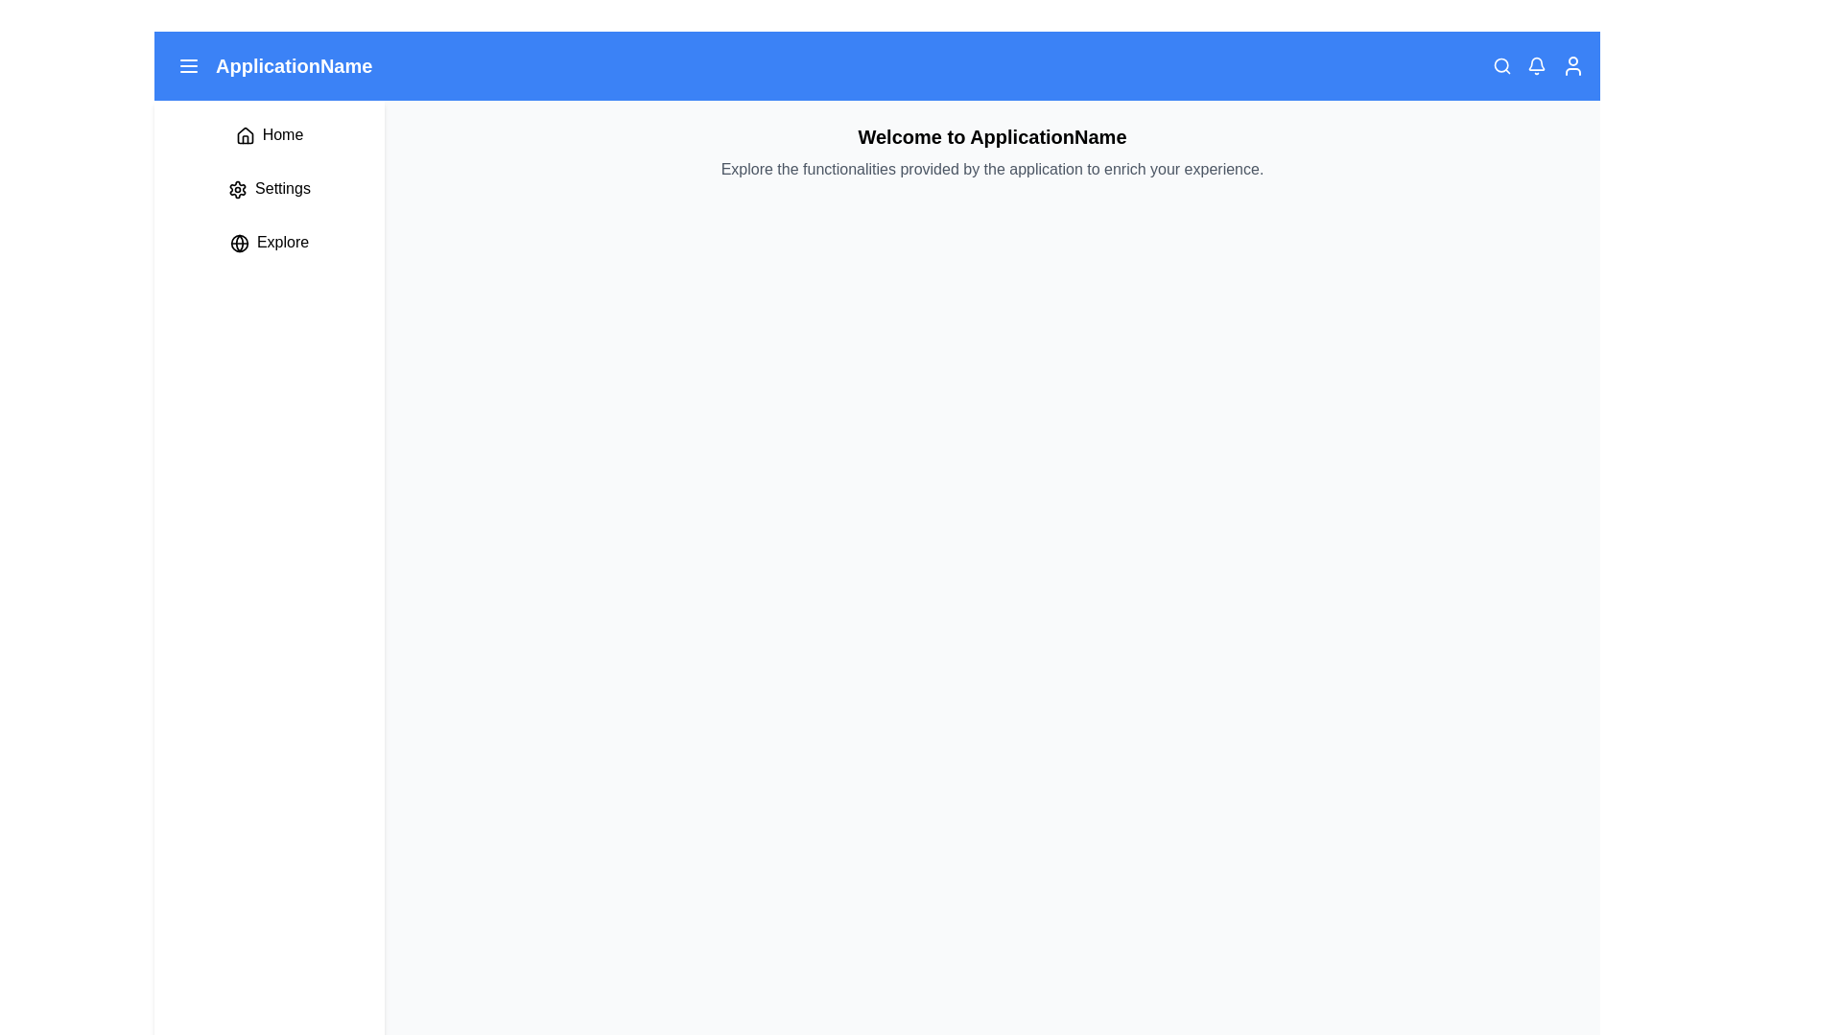 The height and width of the screenshot is (1036, 1842). What do you see at coordinates (293, 65) in the screenshot?
I see `the Static Text element displaying 'ApplicationName', which is styled in bold, large font and located in the navigation bar with a blue background` at bounding box center [293, 65].